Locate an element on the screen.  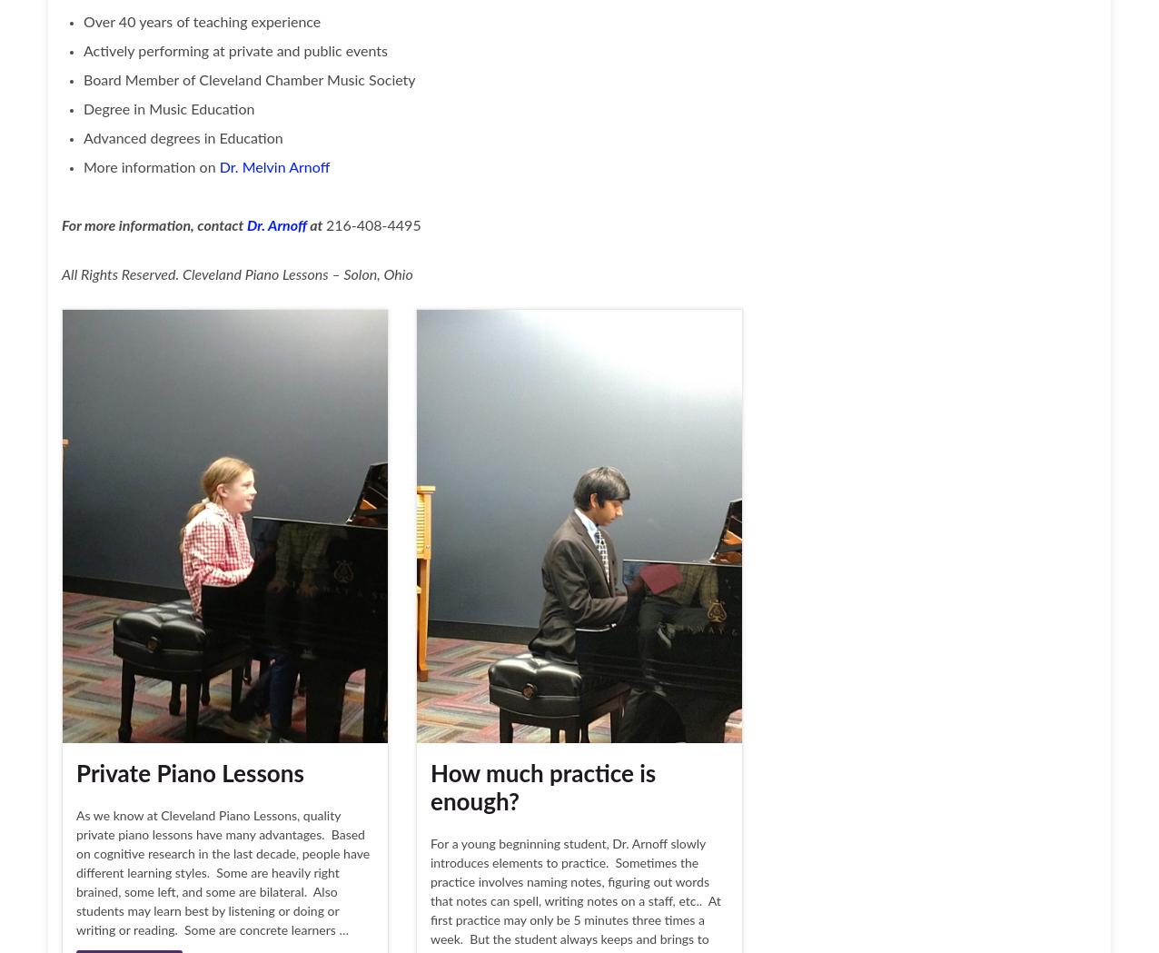
'As we know at Cleveland Piano Lessons, quality private piano lessons have many advantages.  Based on cognitive research in the last decade, people have different learning styles.  Some are heavily right brained, some left, and some are bilateral.  Also students may learn best by listening or doing or writing or reading.  Some are concrete learners …' is located at coordinates (223, 874).